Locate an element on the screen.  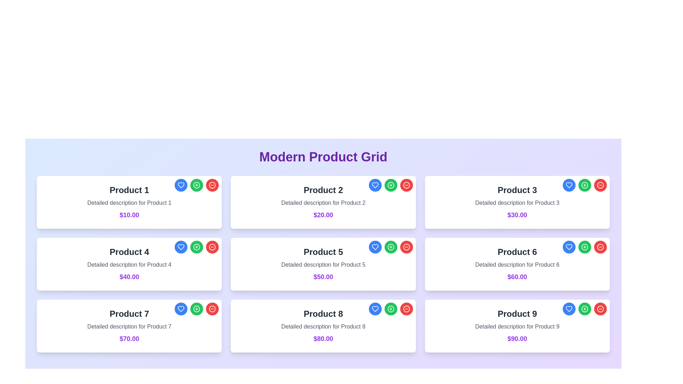
the text label providing additional information about 'Product 3', which is located directly under the title and before the price tag '$30.00' is located at coordinates (517, 203).